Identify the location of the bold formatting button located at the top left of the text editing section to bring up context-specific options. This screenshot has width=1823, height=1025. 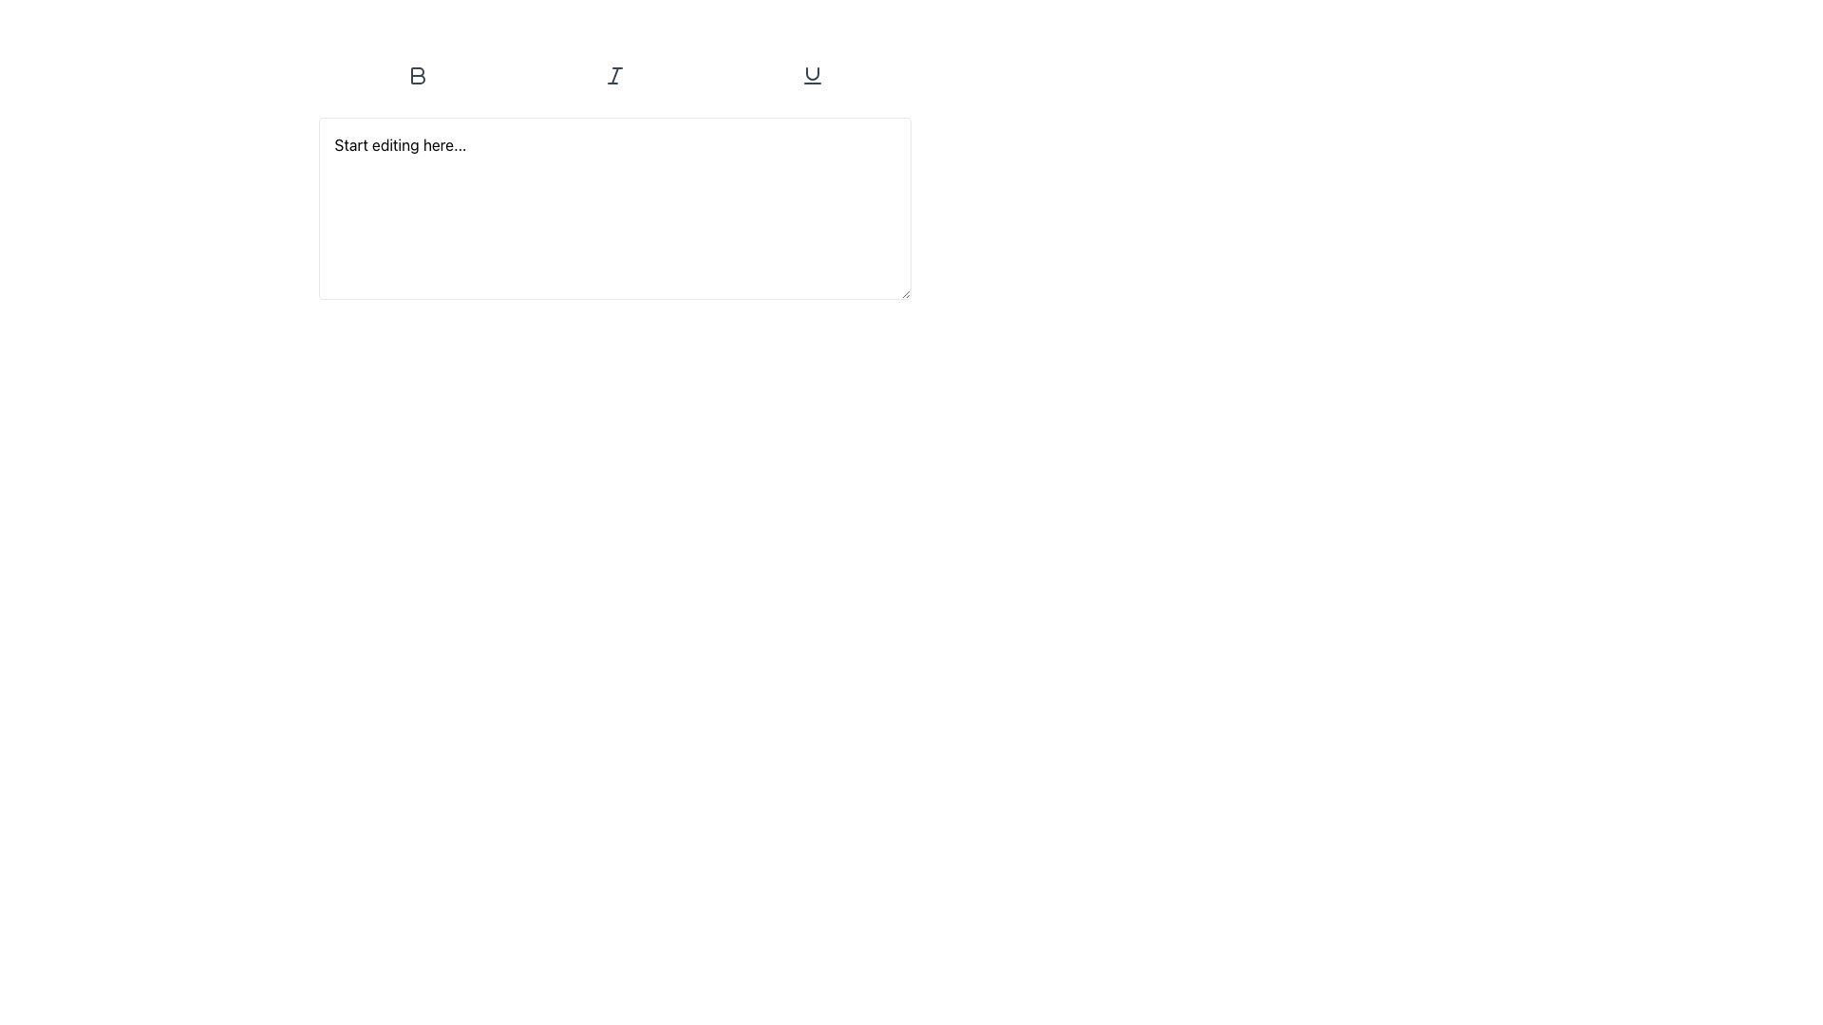
(416, 75).